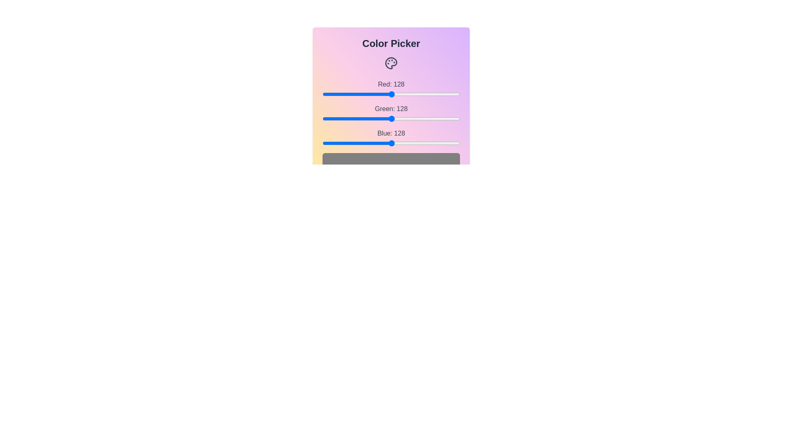  What do you see at coordinates (426, 143) in the screenshot?
I see `the Blue slider to set the blue channel value to 193` at bounding box center [426, 143].